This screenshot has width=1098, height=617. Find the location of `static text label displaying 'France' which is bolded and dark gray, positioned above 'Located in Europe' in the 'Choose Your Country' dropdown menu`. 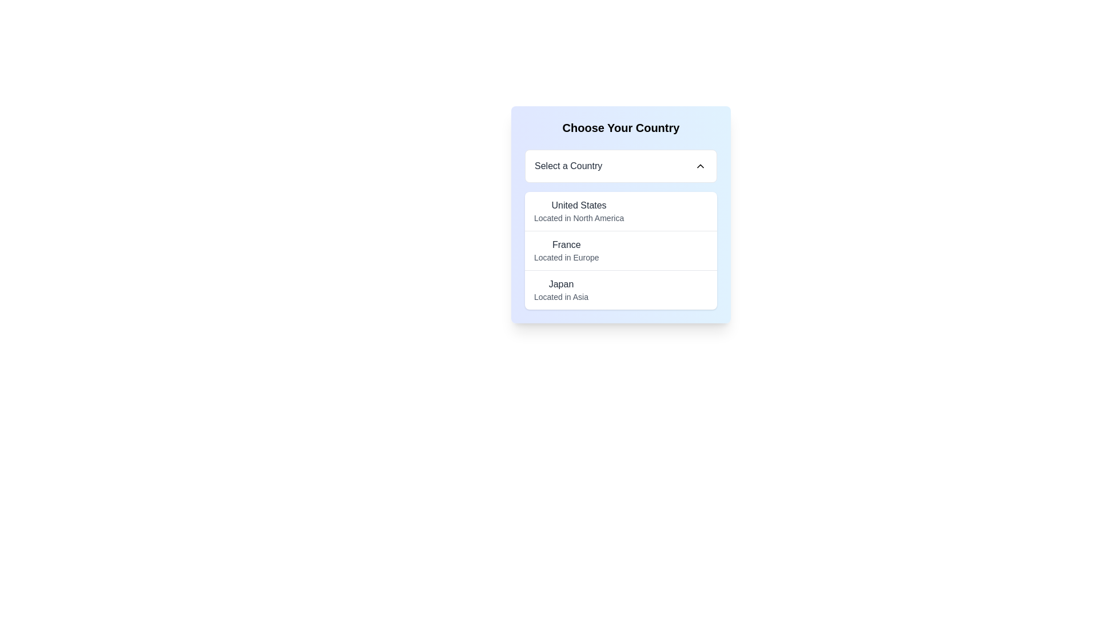

static text label displaying 'France' which is bolded and dark gray, positioned above 'Located in Europe' in the 'Choose Your Country' dropdown menu is located at coordinates (566, 244).